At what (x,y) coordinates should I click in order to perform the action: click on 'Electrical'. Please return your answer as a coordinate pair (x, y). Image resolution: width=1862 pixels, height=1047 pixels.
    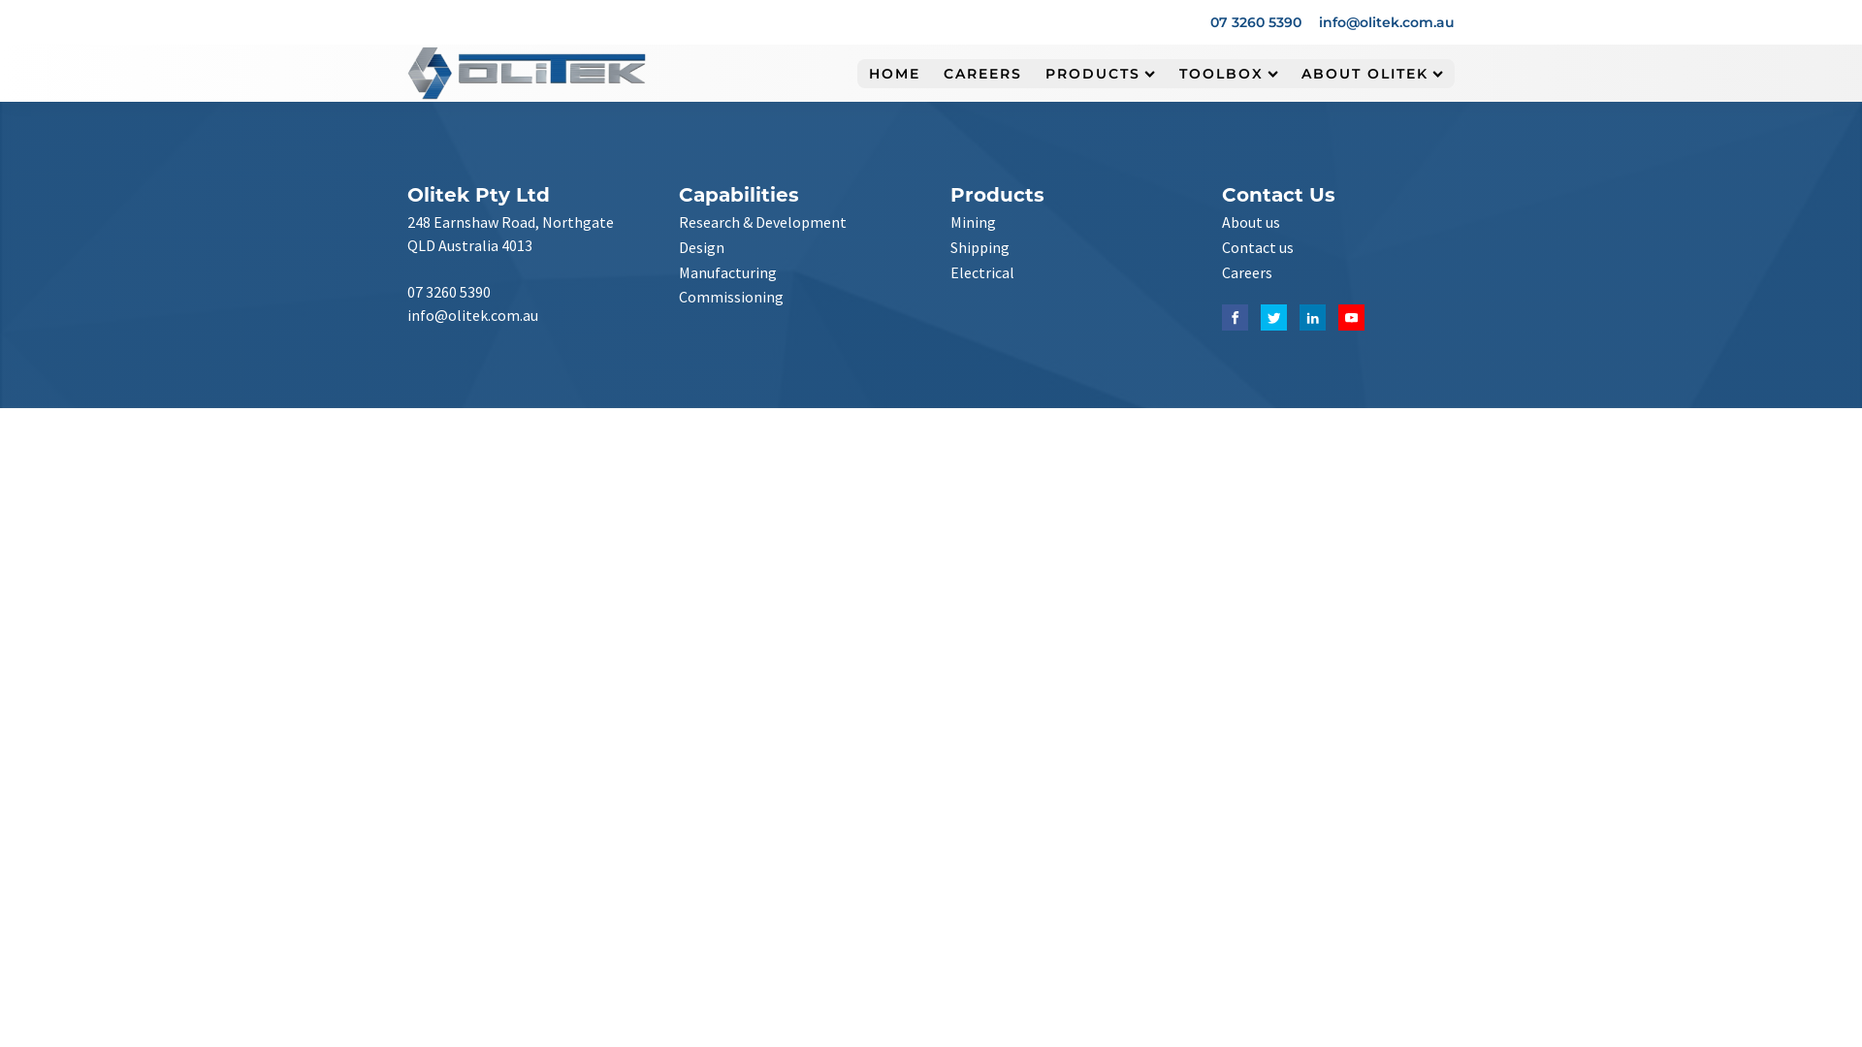
    Looking at the image, I should click on (981, 272).